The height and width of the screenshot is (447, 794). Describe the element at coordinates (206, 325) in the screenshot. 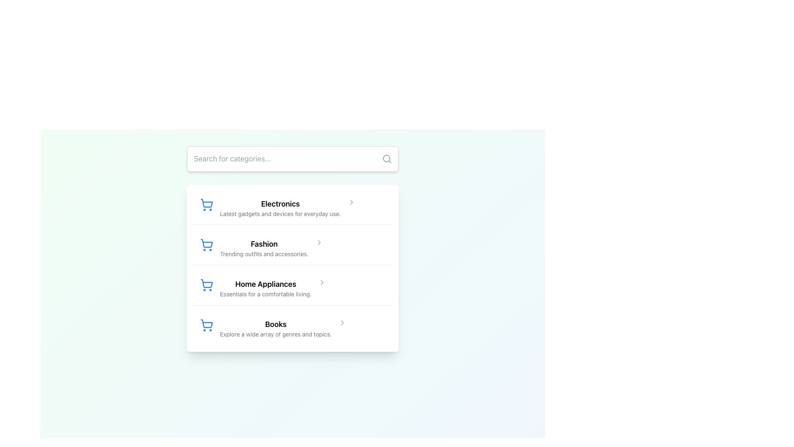

I see `the leftmost icon in the last row of the list that represents the 'Books' category` at that location.